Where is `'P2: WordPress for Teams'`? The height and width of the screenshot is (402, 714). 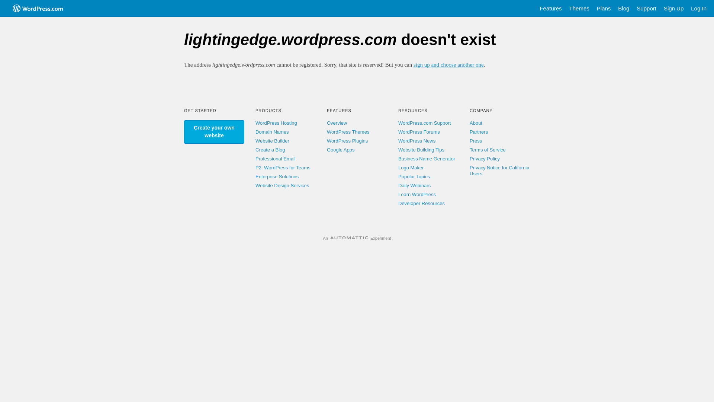 'P2: WordPress for Teams' is located at coordinates (283, 167).